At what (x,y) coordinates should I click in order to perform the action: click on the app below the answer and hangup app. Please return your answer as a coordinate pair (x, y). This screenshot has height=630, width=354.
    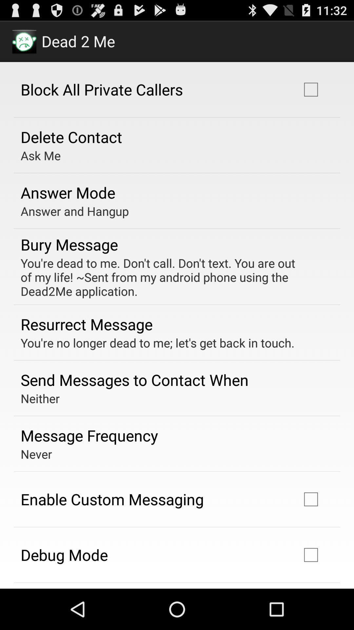
    Looking at the image, I should click on (69, 244).